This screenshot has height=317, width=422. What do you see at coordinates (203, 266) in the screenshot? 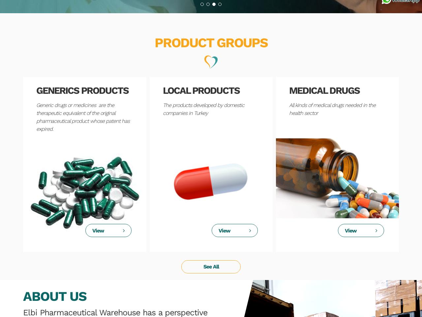
I see `'See All'` at bounding box center [203, 266].